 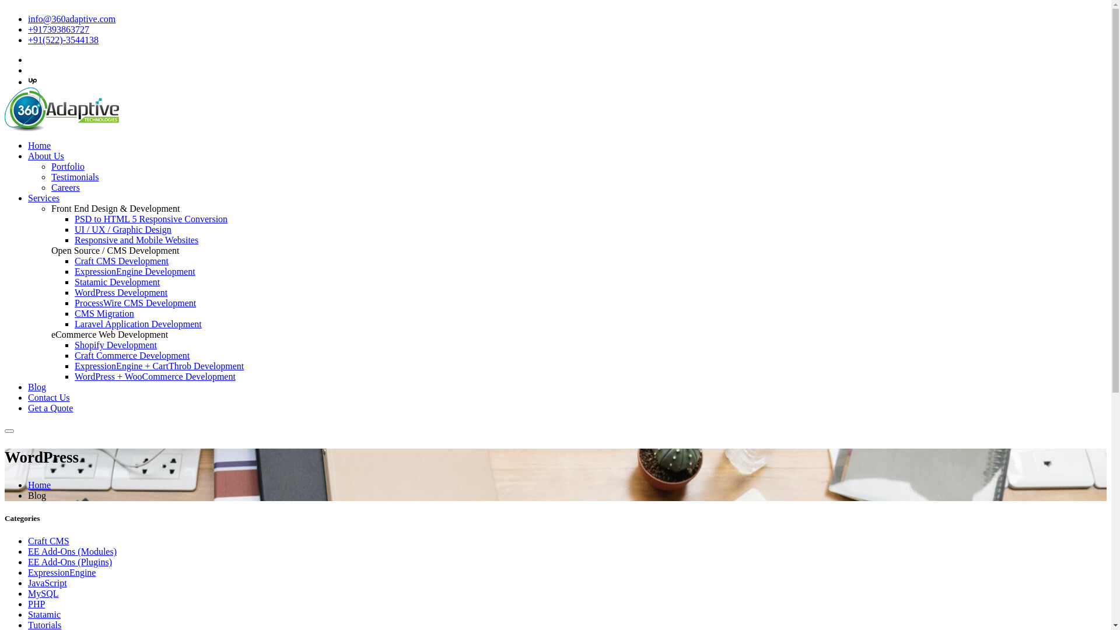 What do you see at coordinates (47, 583) in the screenshot?
I see `'JavaScript'` at bounding box center [47, 583].